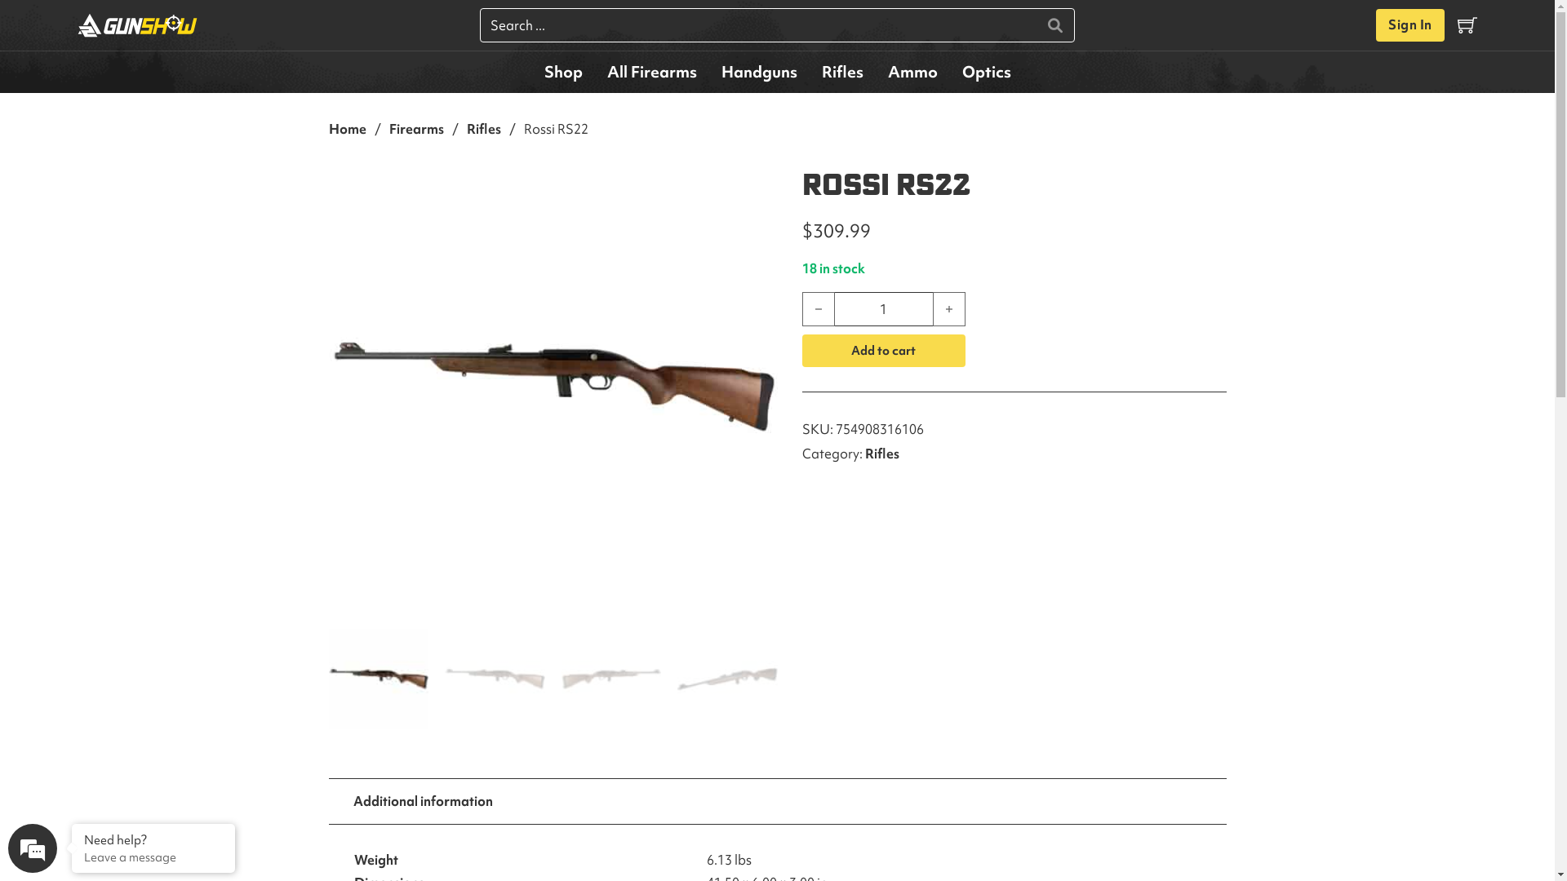 Image resolution: width=1567 pixels, height=881 pixels. What do you see at coordinates (650, 71) in the screenshot?
I see `'All Firearms'` at bounding box center [650, 71].